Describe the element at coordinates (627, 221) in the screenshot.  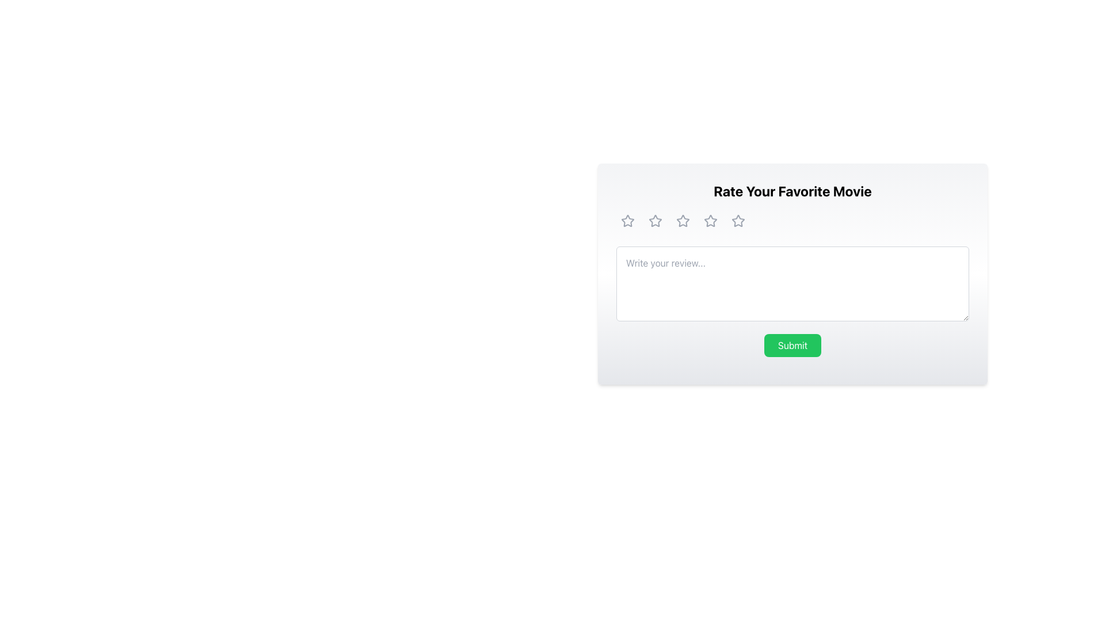
I see `the first star icon for rating, located` at that location.